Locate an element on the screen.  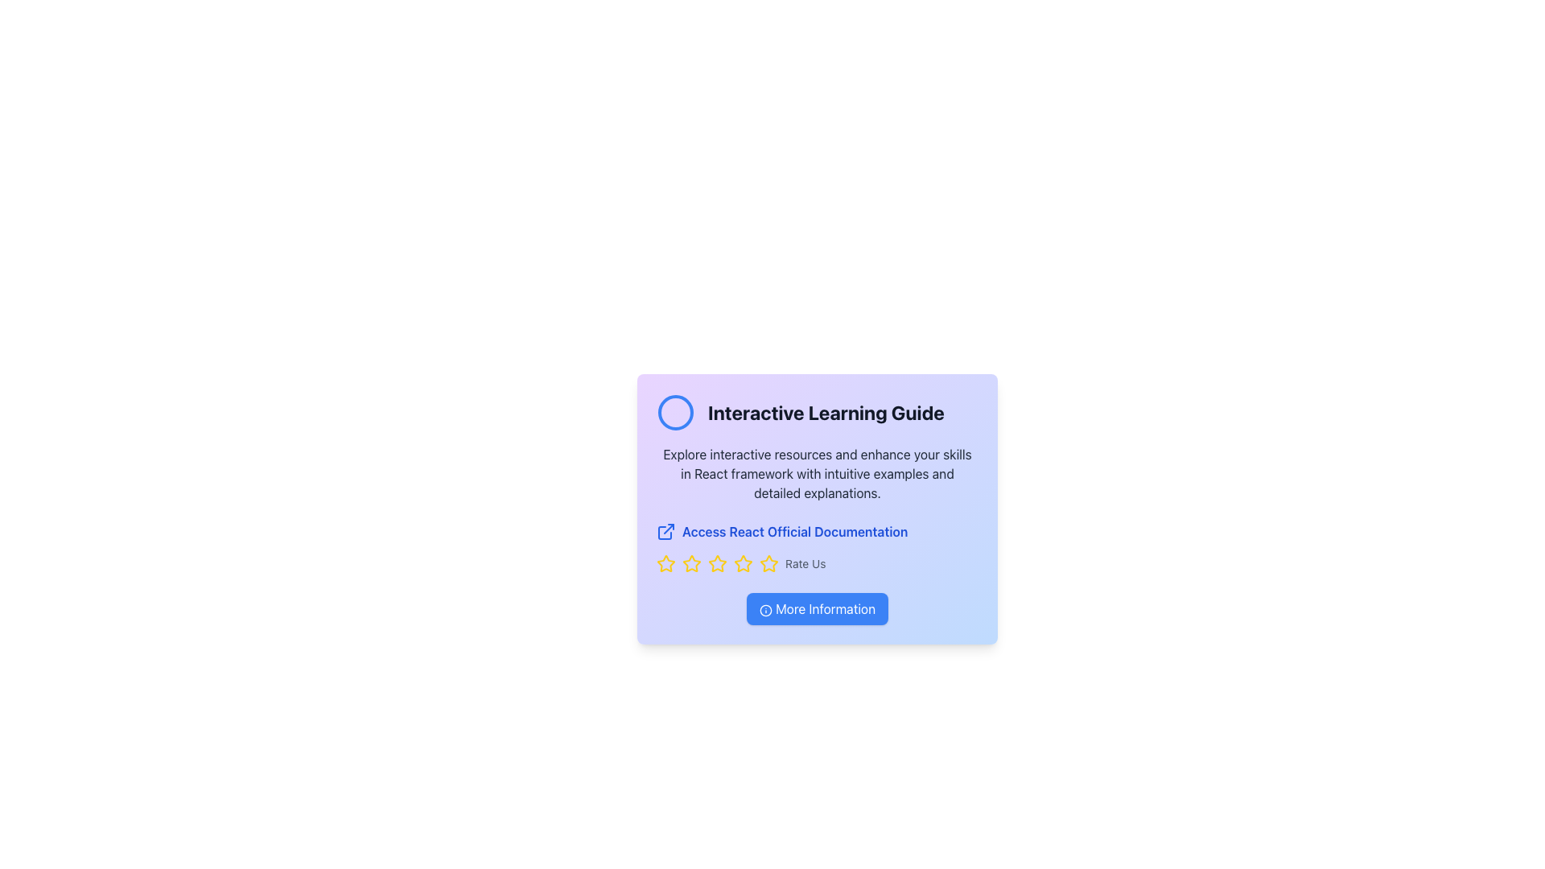
the rating system label that consists of five yellow stars followed by the text 'Rate Us' in gray, which is located above the blue button labeled 'More Information' is located at coordinates (818, 563).